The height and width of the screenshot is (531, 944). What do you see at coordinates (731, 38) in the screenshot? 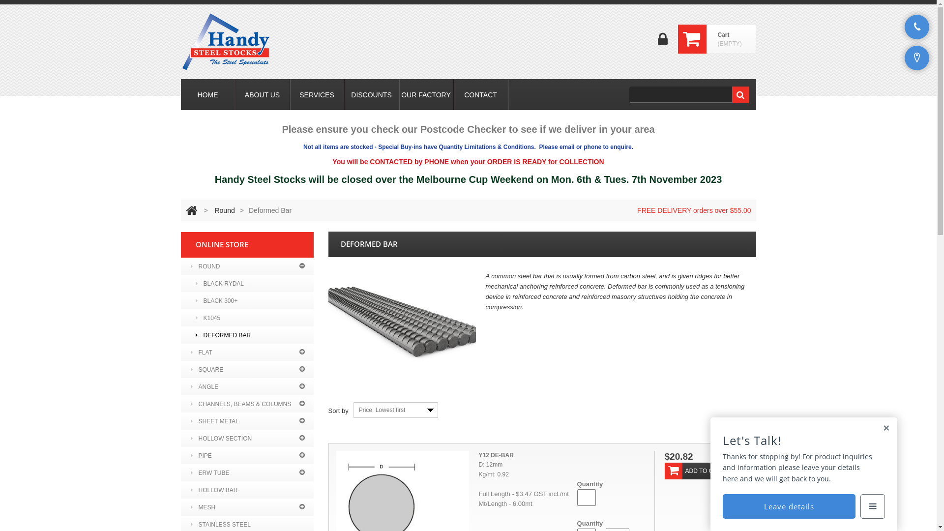
I see `'Cart` at bounding box center [731, 38].